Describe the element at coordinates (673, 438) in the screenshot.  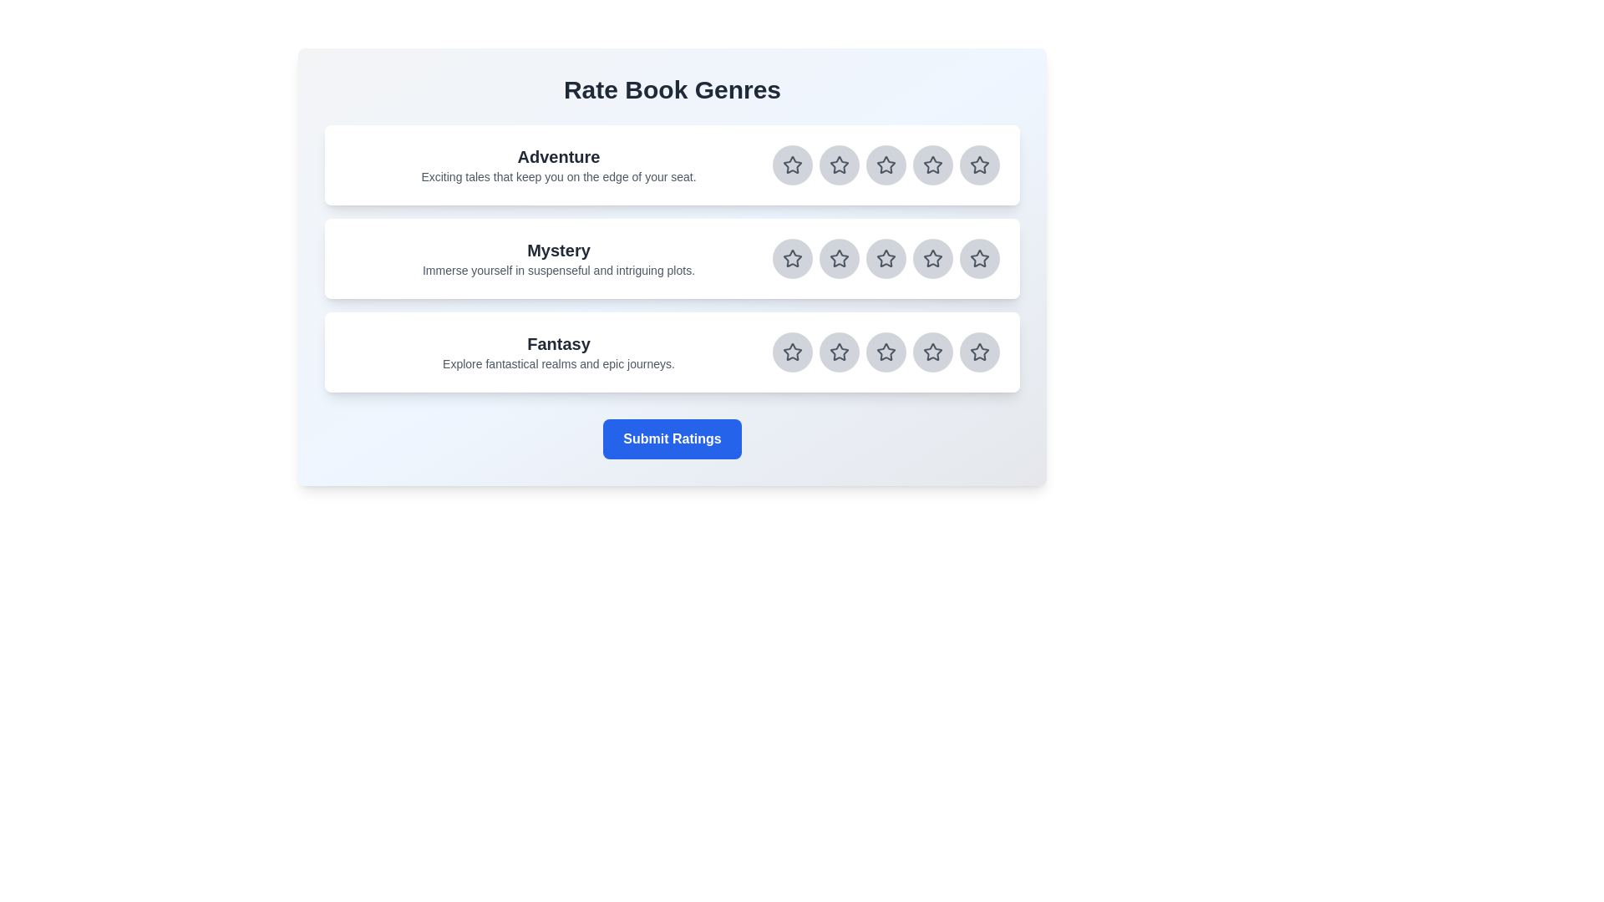
I see `the 'Submit Ratings' button to submit the ratings` at that location.